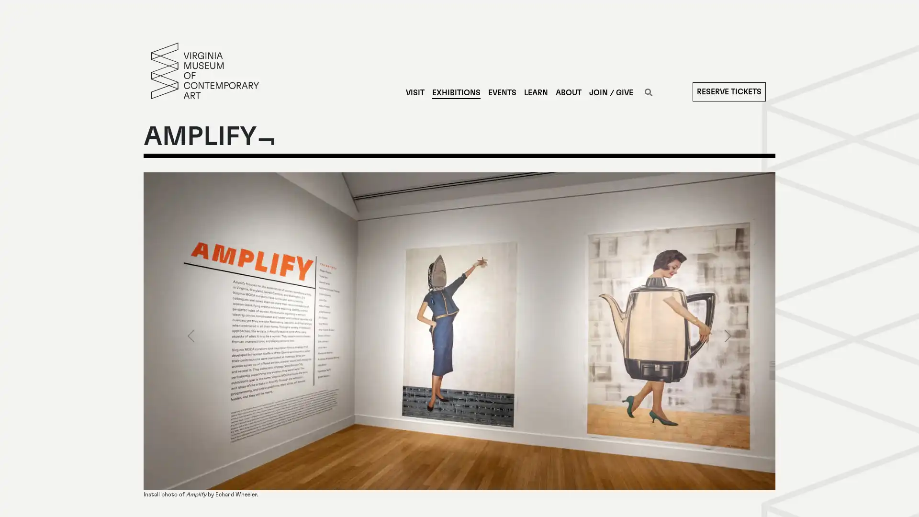  What do you see at coordinates (535, 92) in the screenshot?
I see `LEARN` at bounding box center [535, 92].